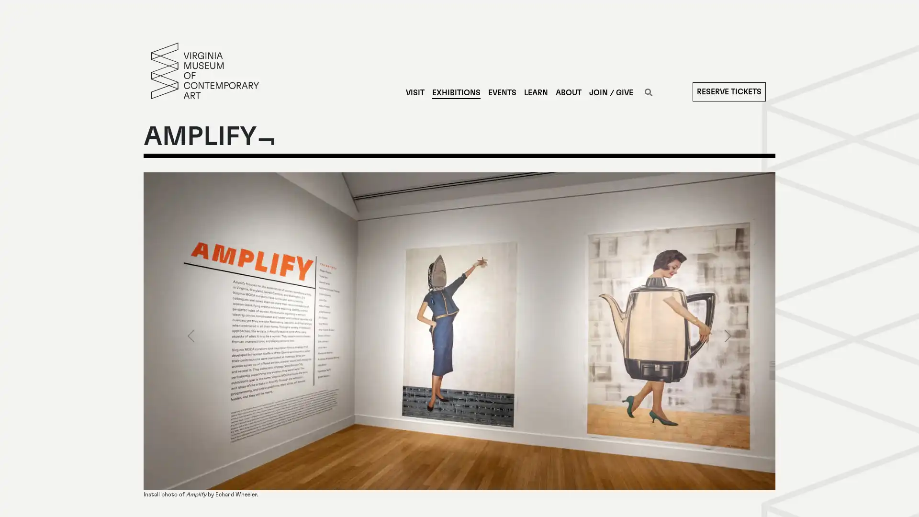  What do you see at coordinates (535, 92) in the screenshot?
I see `LEARN` at bounding box center [535, 92].